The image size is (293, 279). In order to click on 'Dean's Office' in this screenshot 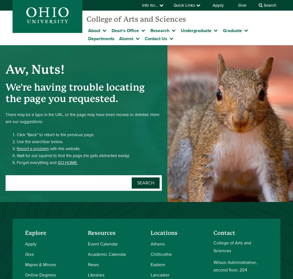, I will do `click(125, 30)`.